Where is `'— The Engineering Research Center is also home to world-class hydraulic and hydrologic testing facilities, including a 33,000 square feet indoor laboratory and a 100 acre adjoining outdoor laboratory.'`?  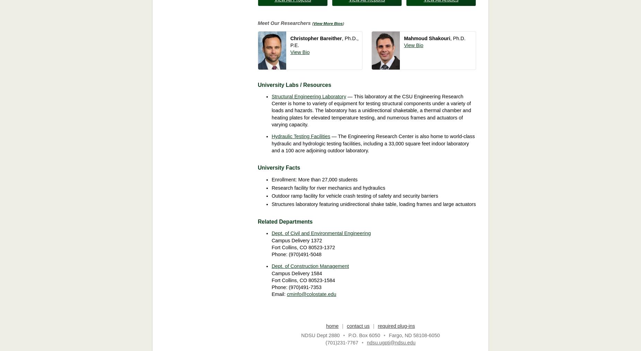 '— The Engineering Research Center is also home to world-class hydraulic and hydrologic testing facilities, including a 33,000 square feet indoor laboratory and a 100 acre adjoining outdoor laboratory.' is located at coordinates (372, 143).